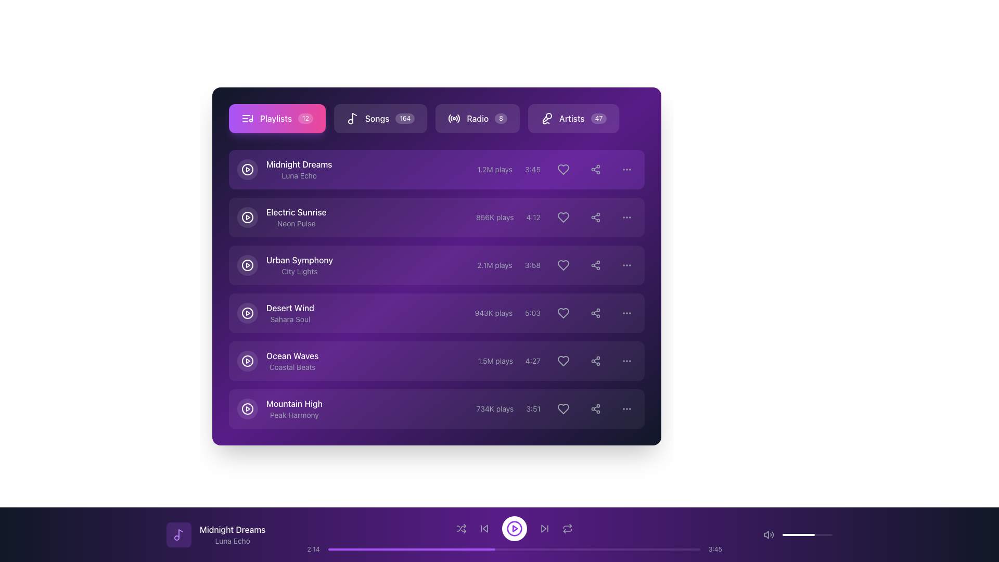 The height and width of the screenshot is (562, 999). I want to click on playback time, so click(618, 549).